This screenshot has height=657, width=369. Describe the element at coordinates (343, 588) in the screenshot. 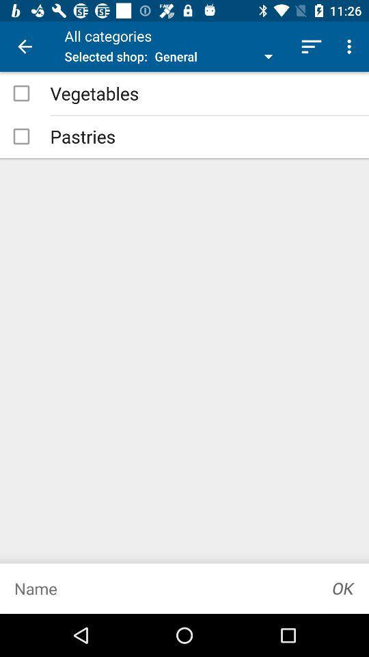

I see `submit entries` at that location.